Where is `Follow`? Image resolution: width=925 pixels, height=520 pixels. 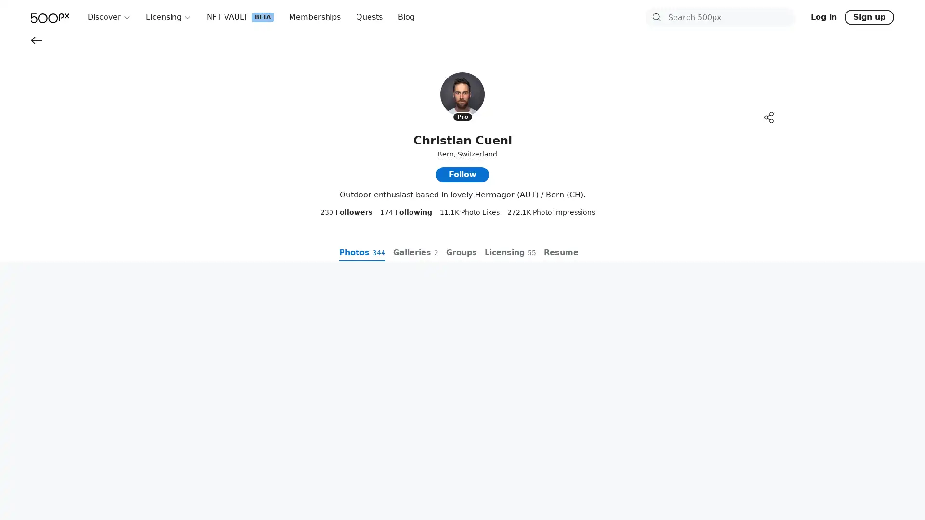 Follow is located at coordinates (462, 291).